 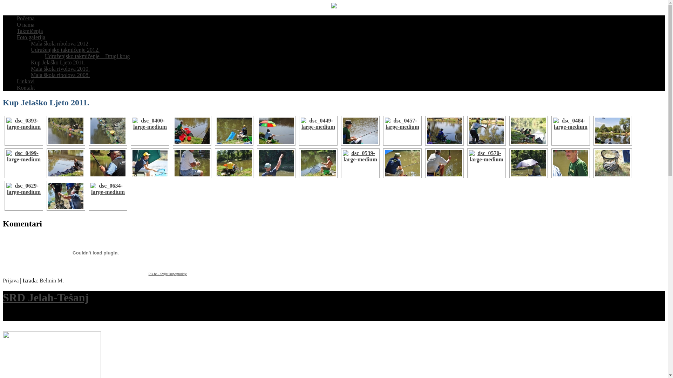 What do you see at coordinates (39, 280) in the screenshot?
I see `'Belmin M.'` at bounding box center [39, 280].